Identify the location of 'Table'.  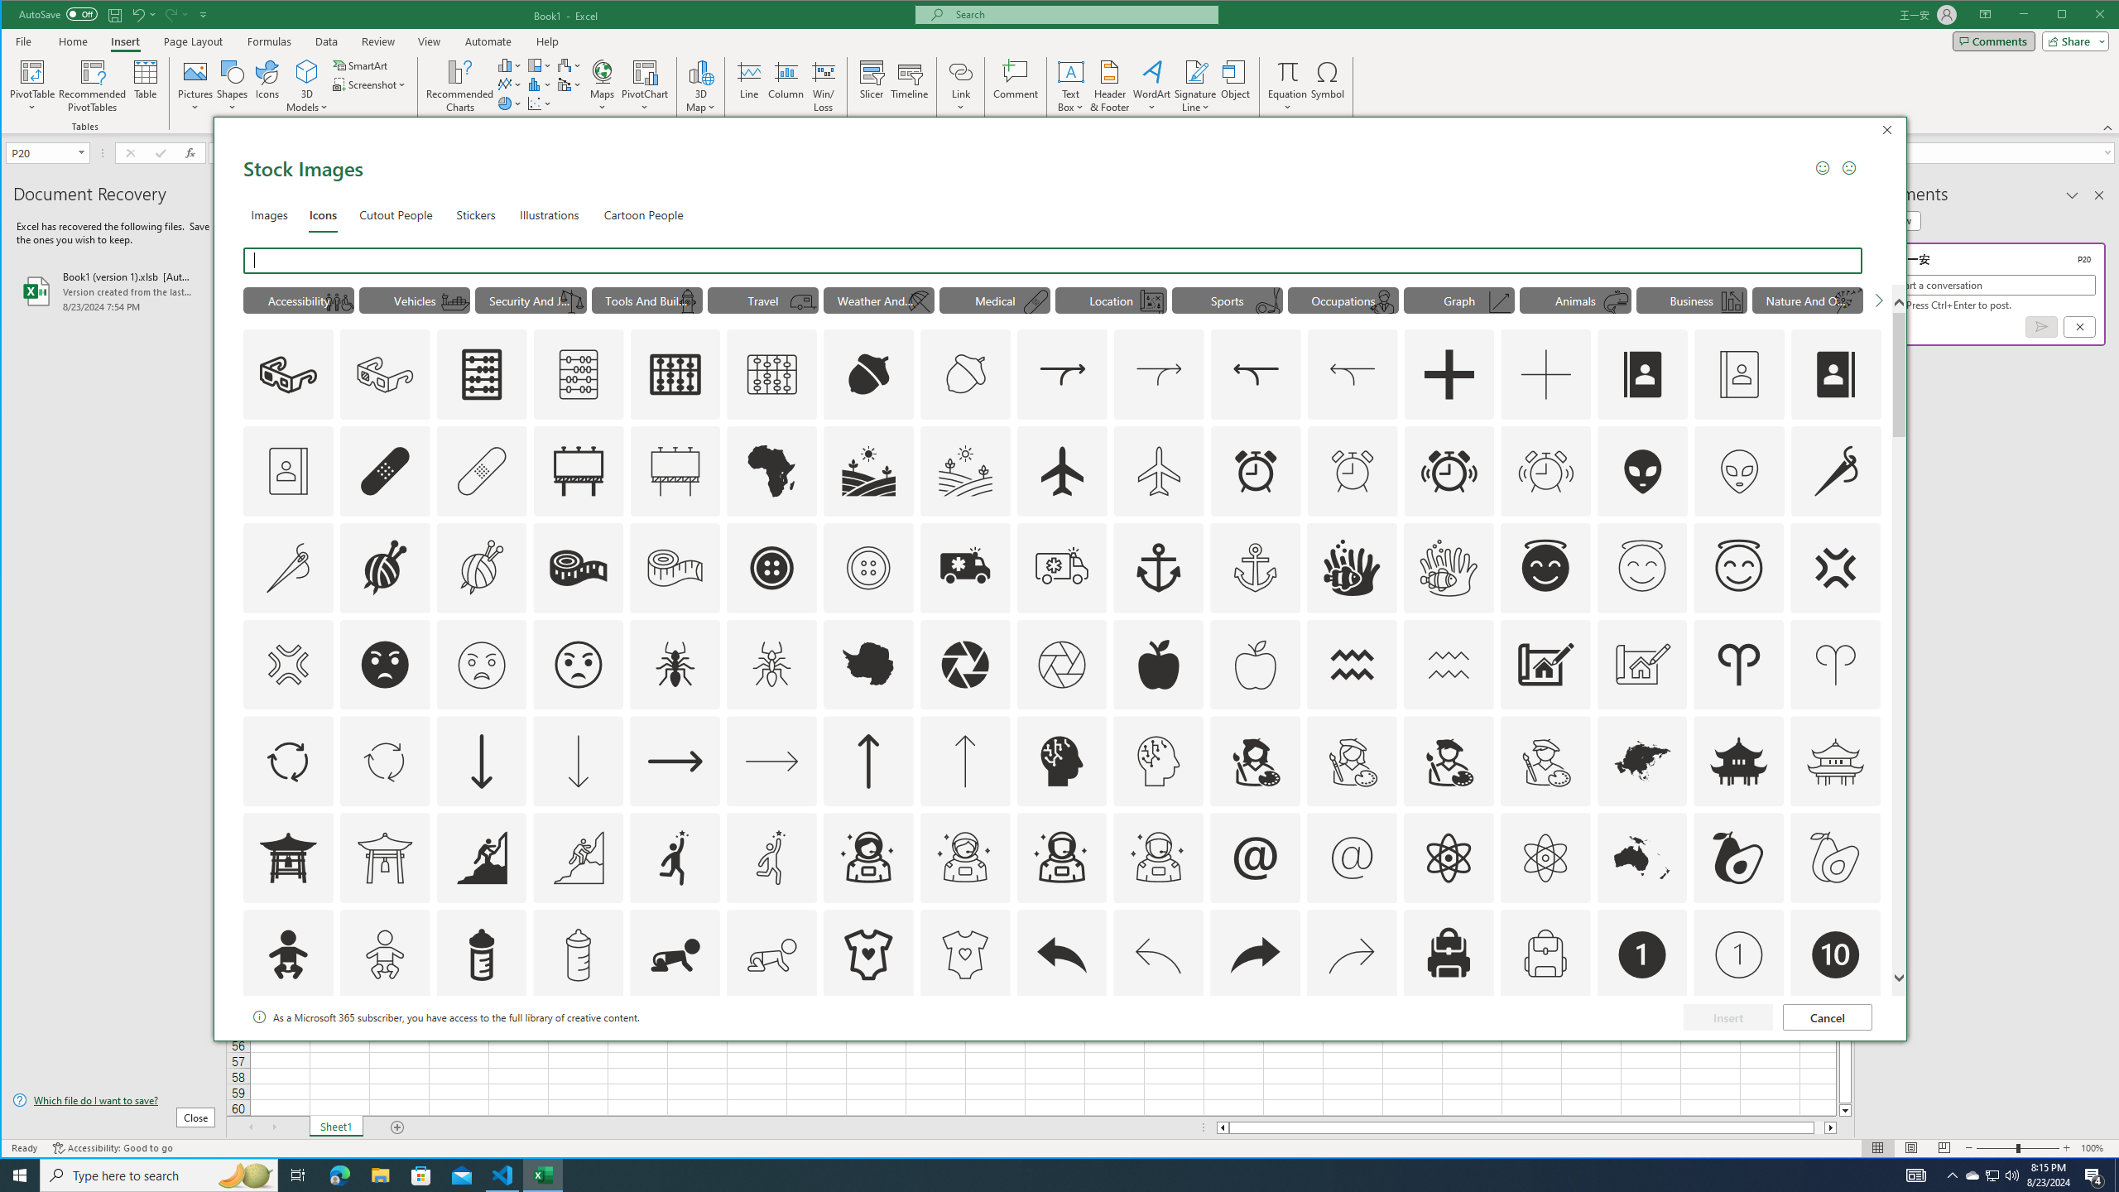
(145, 85).